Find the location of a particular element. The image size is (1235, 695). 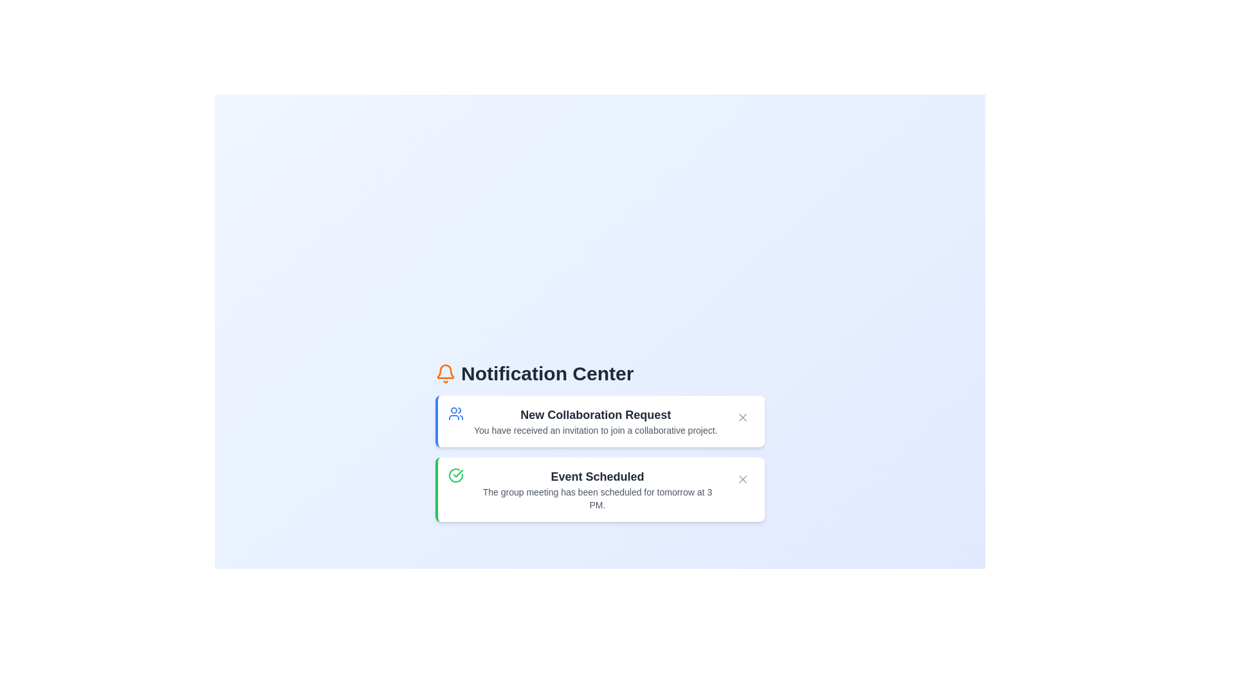

the dismiss button located at the top-right of the second notification card, which features a gray button with a red hover effect and an 'X' icon is located at coordinates (743, 479).